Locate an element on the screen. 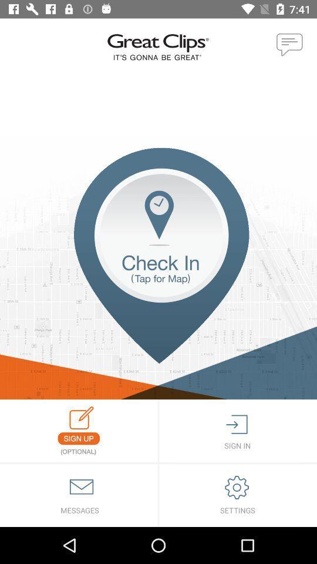 Image resolution: width=317 pixels, height=564 pixels. chat is located at coordinates (289, 45).